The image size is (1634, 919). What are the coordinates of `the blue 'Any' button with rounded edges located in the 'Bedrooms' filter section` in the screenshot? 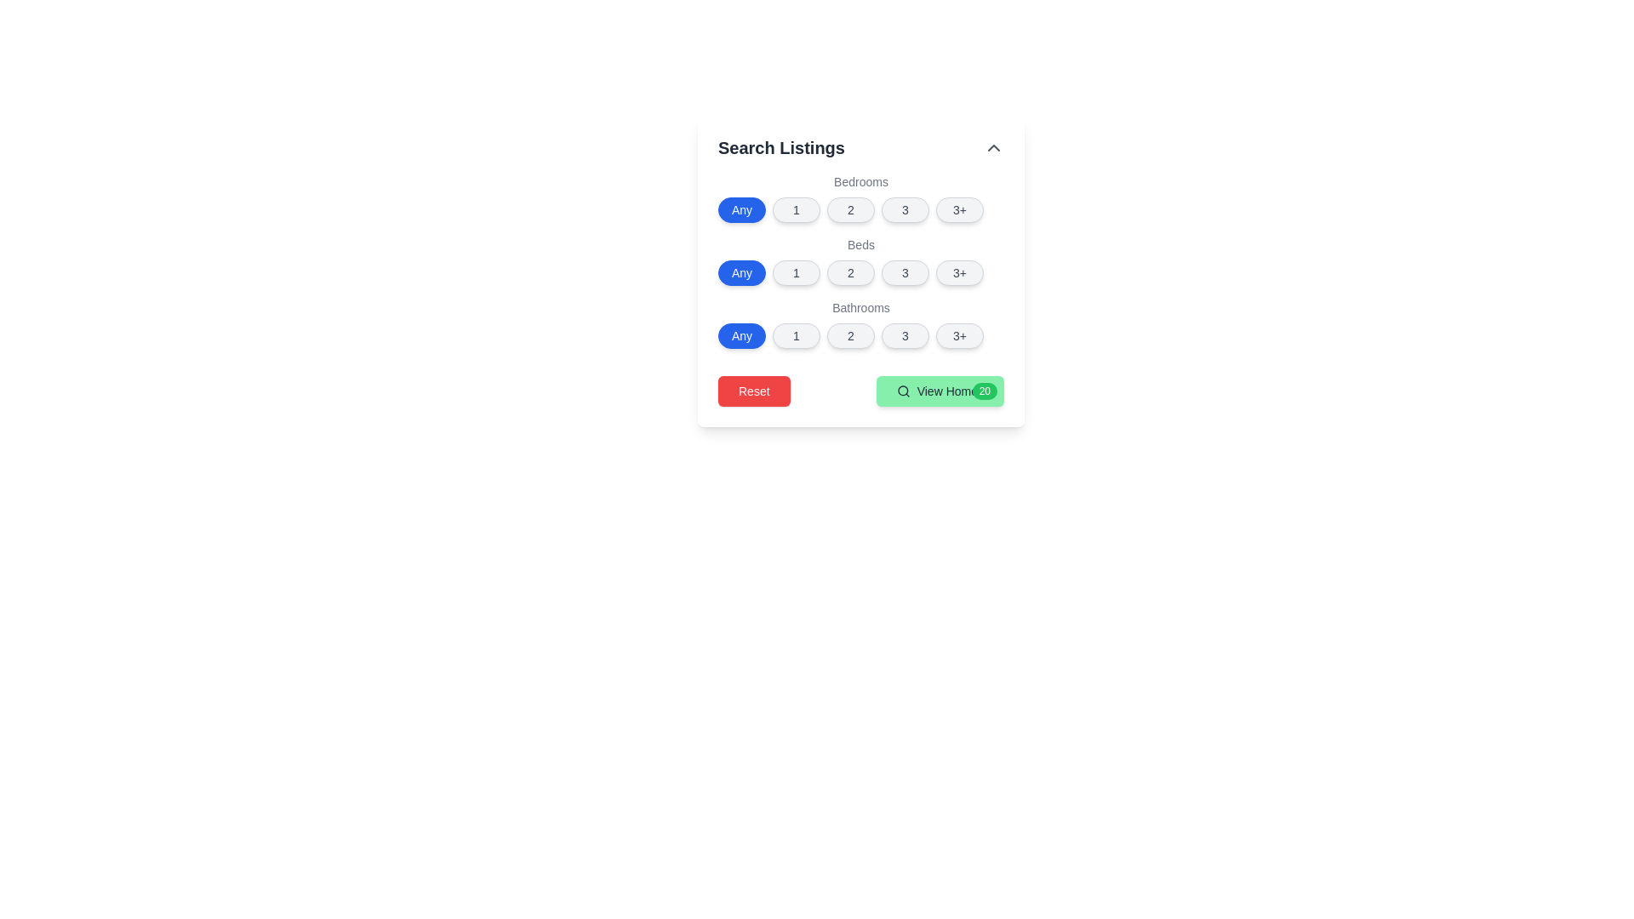 It's located at (742, 208).